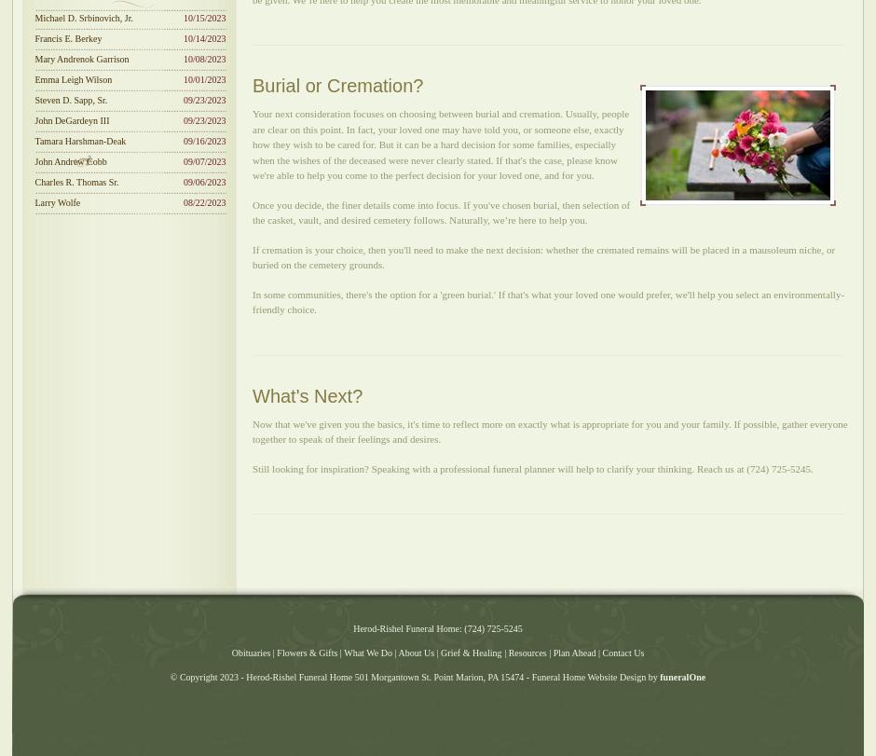  What do you see at coordinates (308, 393) in the screenshot?
I see `'What's Next?'` at bounding box center [308, 393].